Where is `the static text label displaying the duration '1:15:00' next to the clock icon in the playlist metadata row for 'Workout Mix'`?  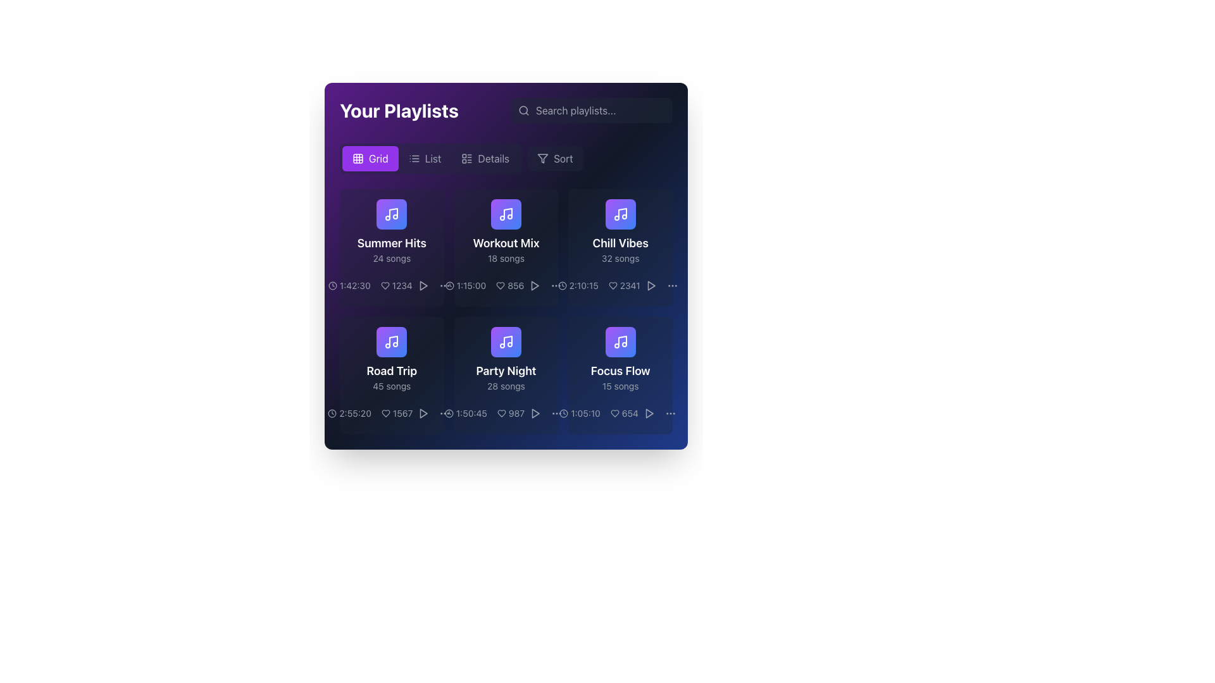
the static text label displaying the duration '1:15:00' next to the clock icon in the playlist metadata row for 'Workout Mix' is located at coordinates (464, 285).